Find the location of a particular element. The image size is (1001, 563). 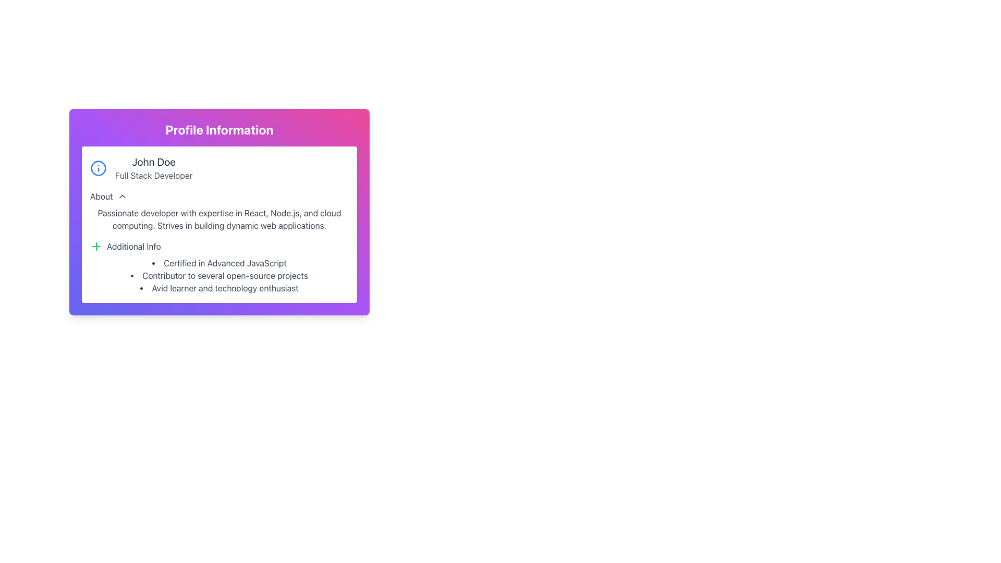

information provided in the Text block with bullet points located beneath the 'About' section in the card is located at coordinates (219, 267).